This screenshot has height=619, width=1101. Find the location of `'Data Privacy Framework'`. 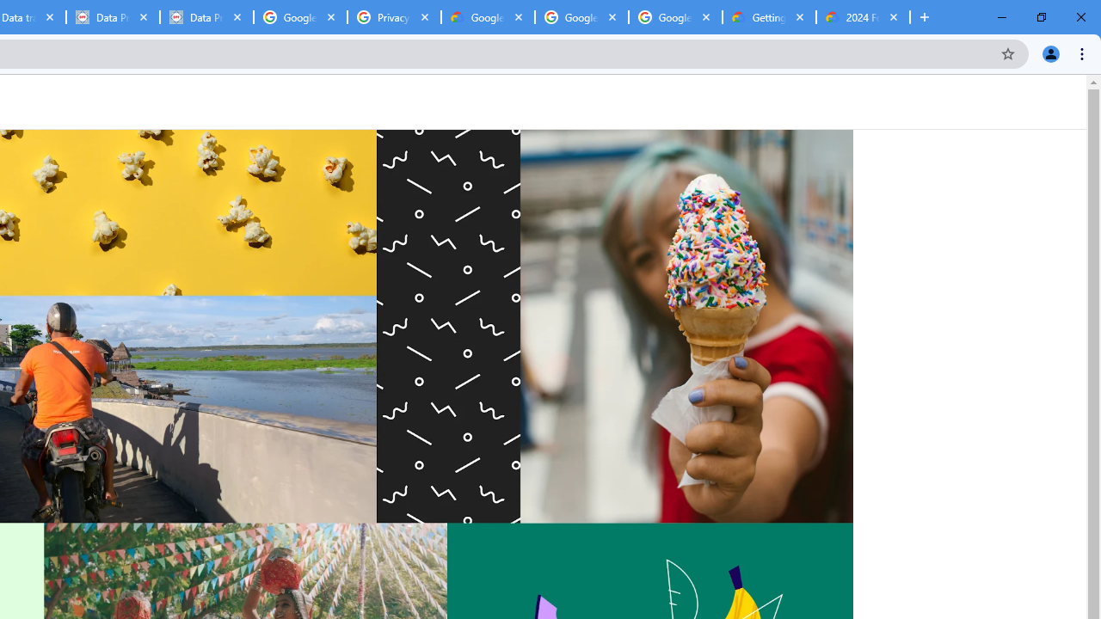

'Data Privacy Framework' is located at coordinates (206, 17).